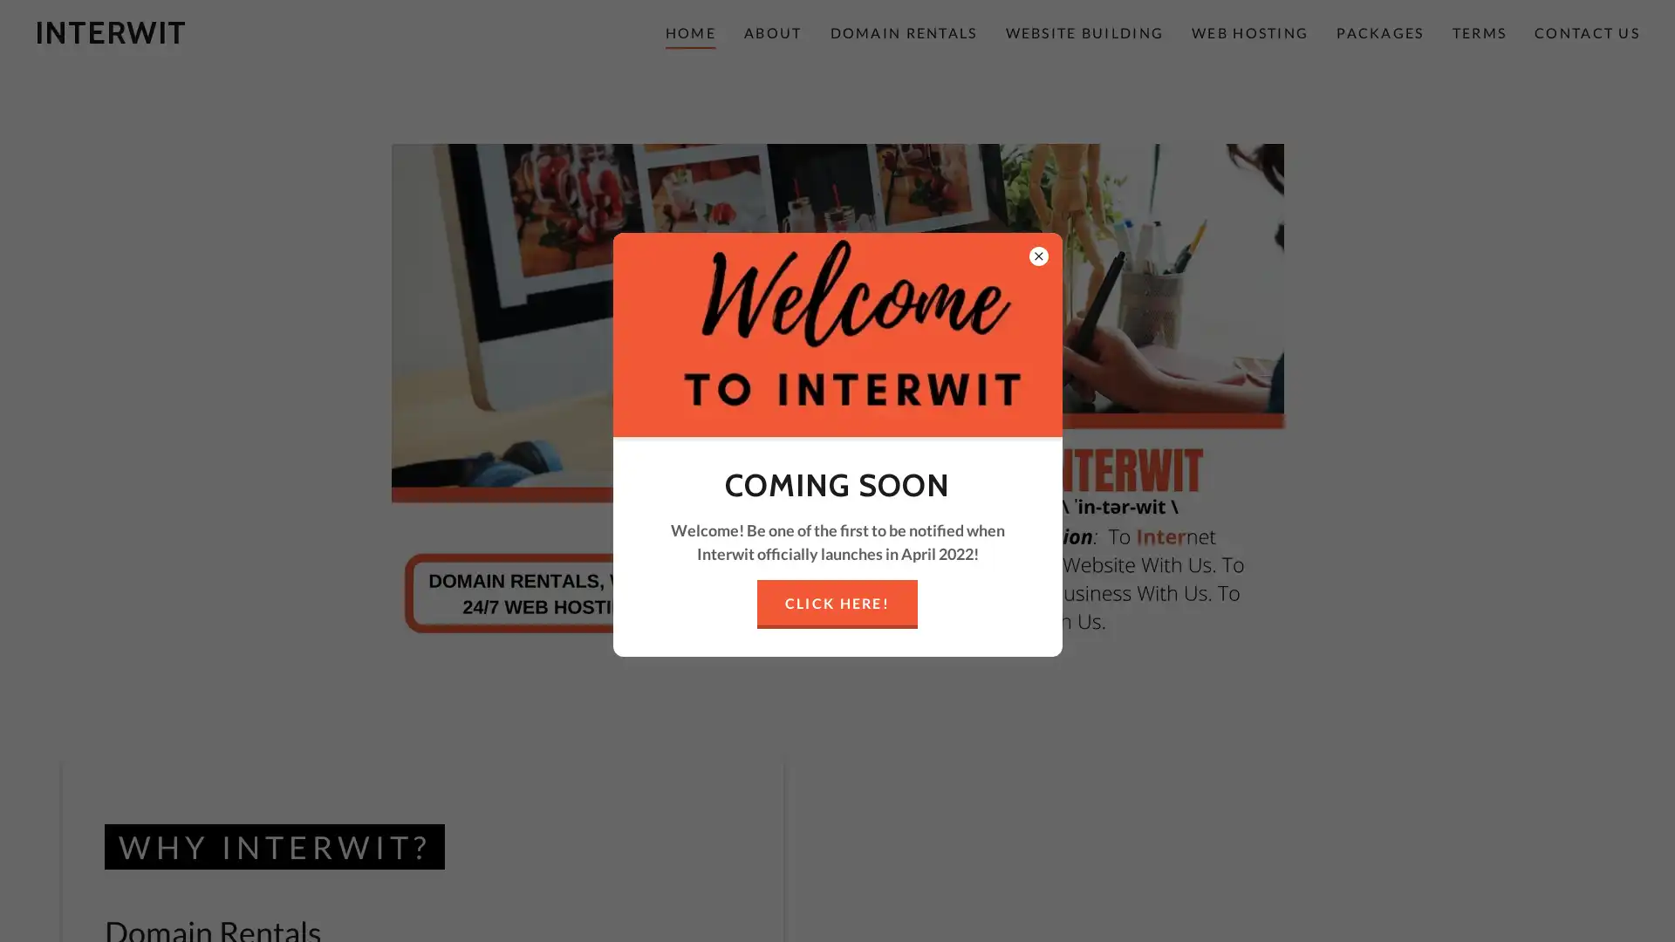 Image resolution: width=1675 pixels, height=942 pixels. What do you see at coordinates (1629, 898) in the screenshot?
I see `Chat widget toggle` at bounding box center [1629, 898].